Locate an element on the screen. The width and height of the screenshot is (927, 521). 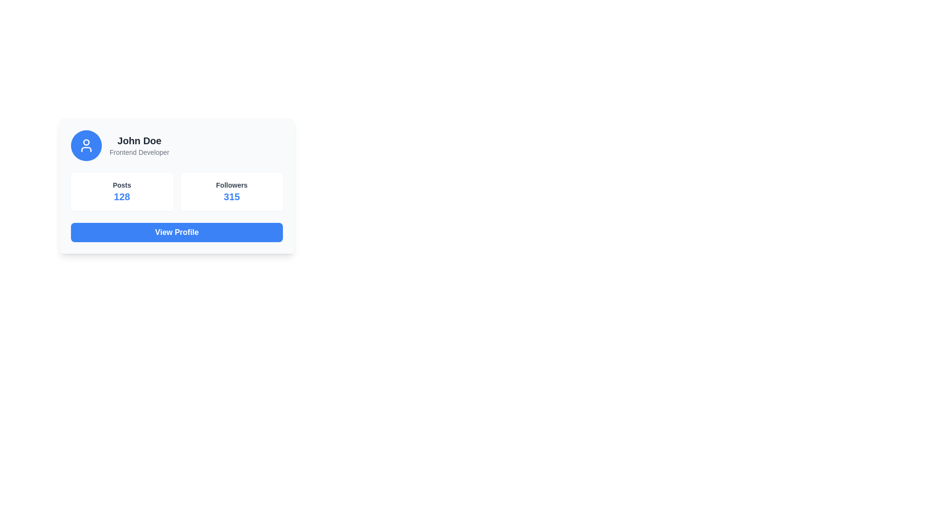
the text label displaying 'John Doe' in bold style is located at coordinates (139, 141).